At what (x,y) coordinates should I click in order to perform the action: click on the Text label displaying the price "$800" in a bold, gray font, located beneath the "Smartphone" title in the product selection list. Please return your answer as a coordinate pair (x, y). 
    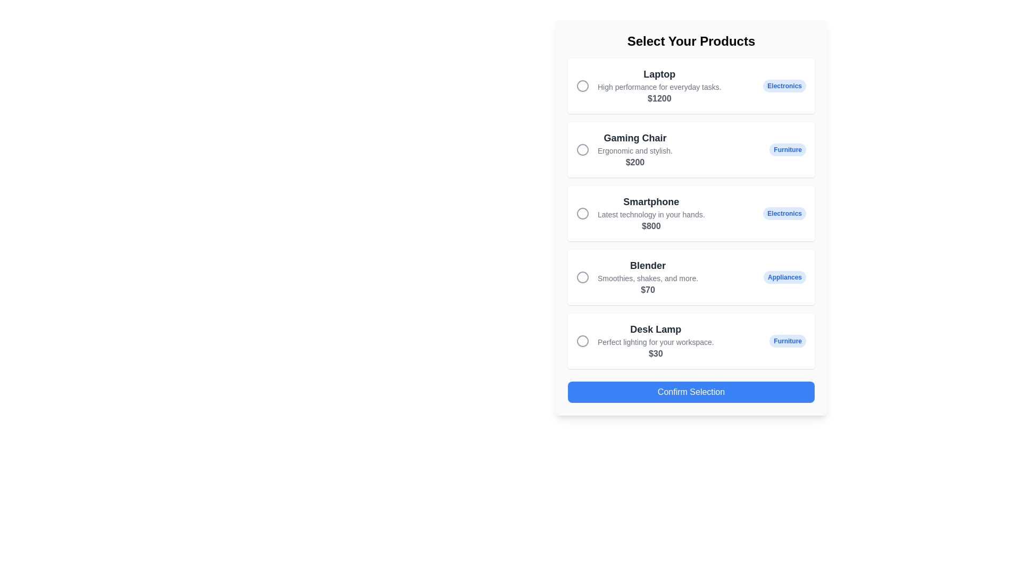
    Looking at the image, I should click on (650, 225).